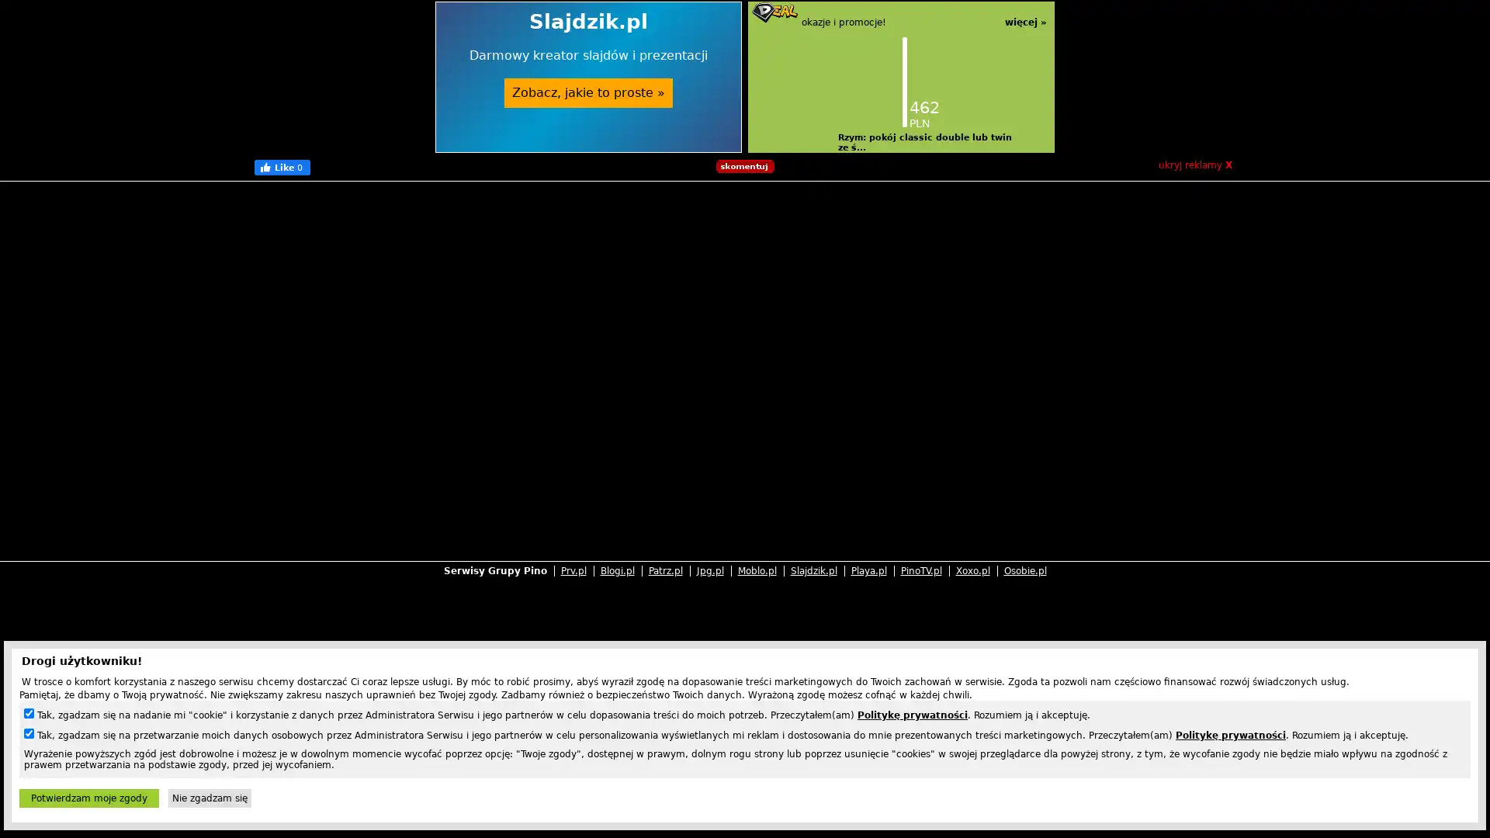 The height and width of the screenshot is (838, 1490). What do you see at coordinates (88, 798) in the screenshot?
I see `Potwierdzam moje zgody` at bounding box center [88, 798].